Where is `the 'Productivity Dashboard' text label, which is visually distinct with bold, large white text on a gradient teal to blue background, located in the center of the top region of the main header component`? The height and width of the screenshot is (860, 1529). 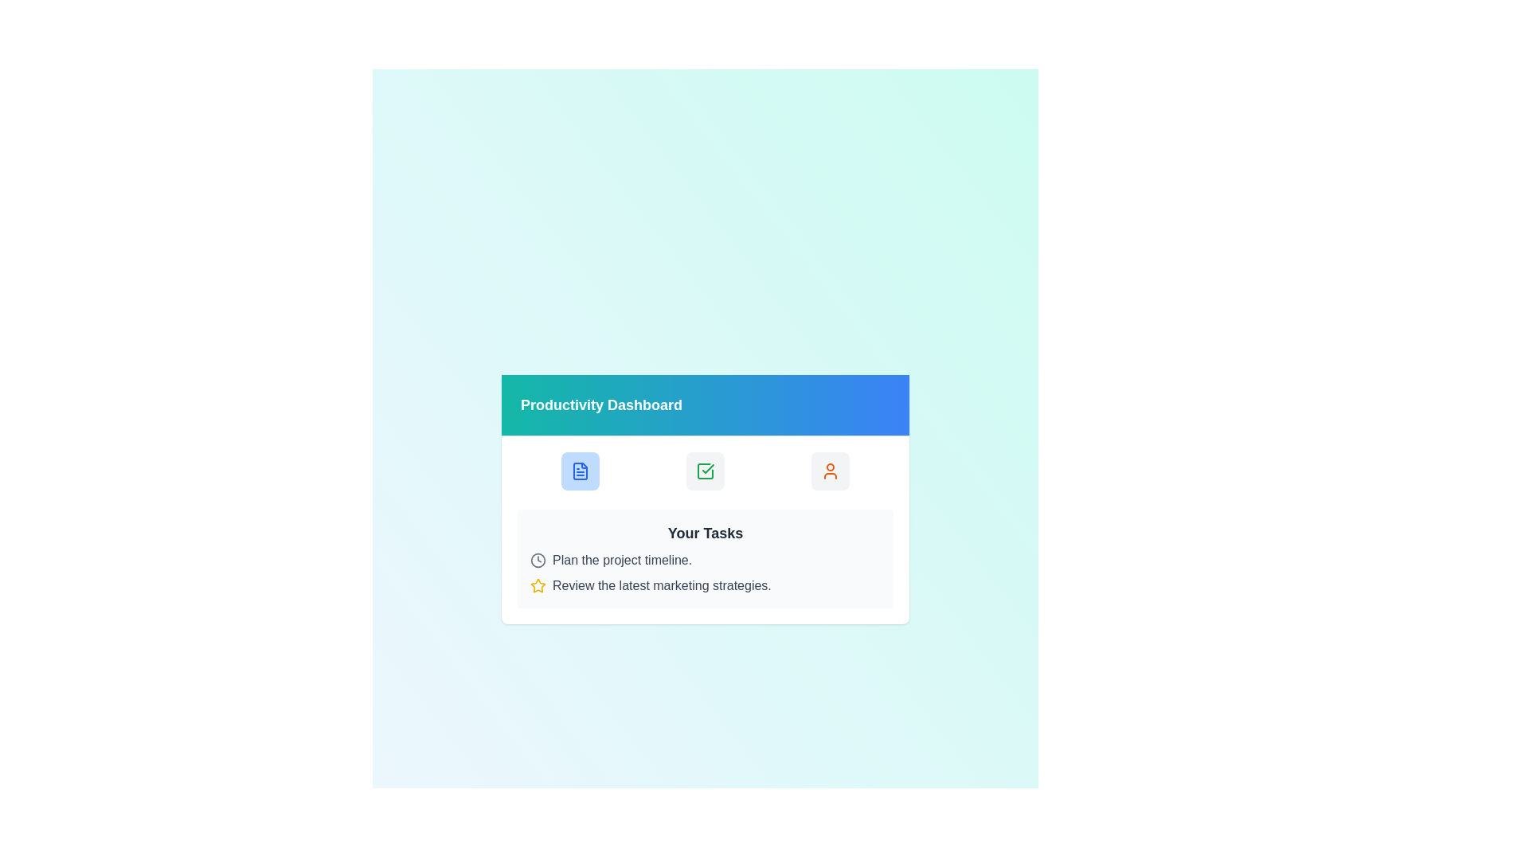
the 'Productivity Dashboard' text label, which is visually distinct with bold, large white text on a gradient teal to blue background, located in the center of the top region of the main header component is located at coordinates (600, 404).